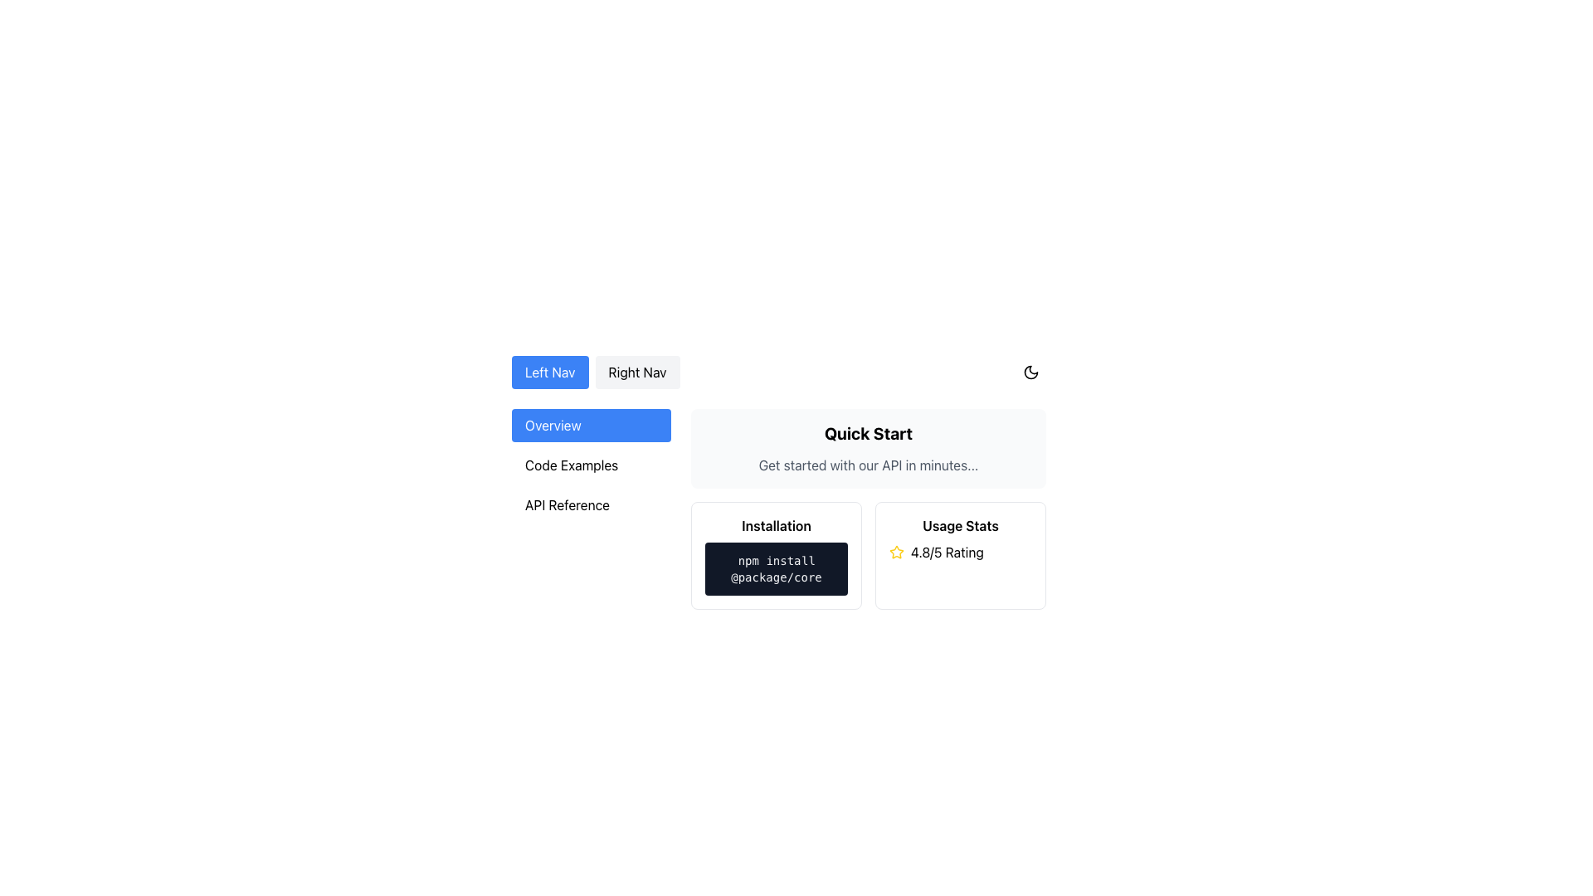 The width and height of the screenshot is (1593, 896). Describe the element at coordinates (867, 433) in the screenshot. I see `text from the Text Label that serves as a title for quick setup instructions, located in the top-right section of the interface` at that location.